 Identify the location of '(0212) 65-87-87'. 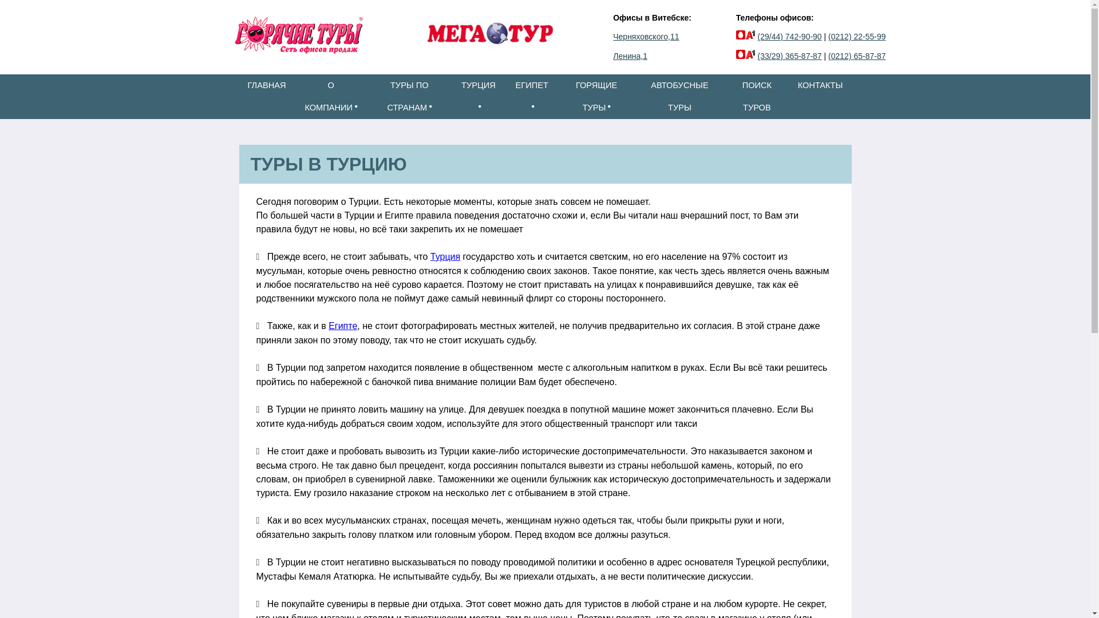
(857, 56).